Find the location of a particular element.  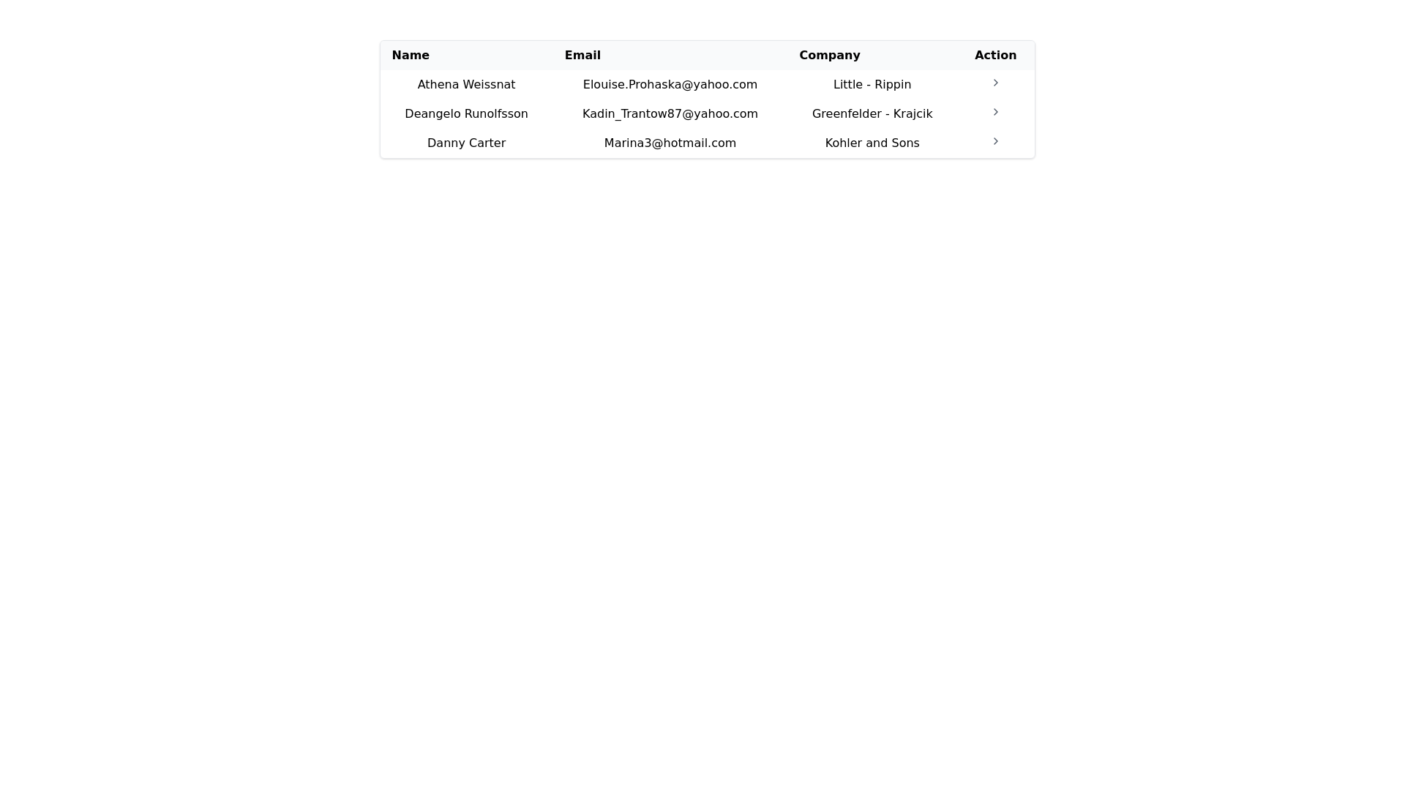

the text label displaying the user's name in the first column of the second row in the user data table is located at coordinates (465, 113).